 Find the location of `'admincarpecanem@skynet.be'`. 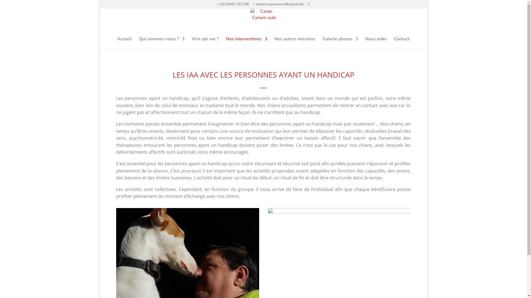

'admincarpecanem@skynet.be' is located at coordinates (278, 4).